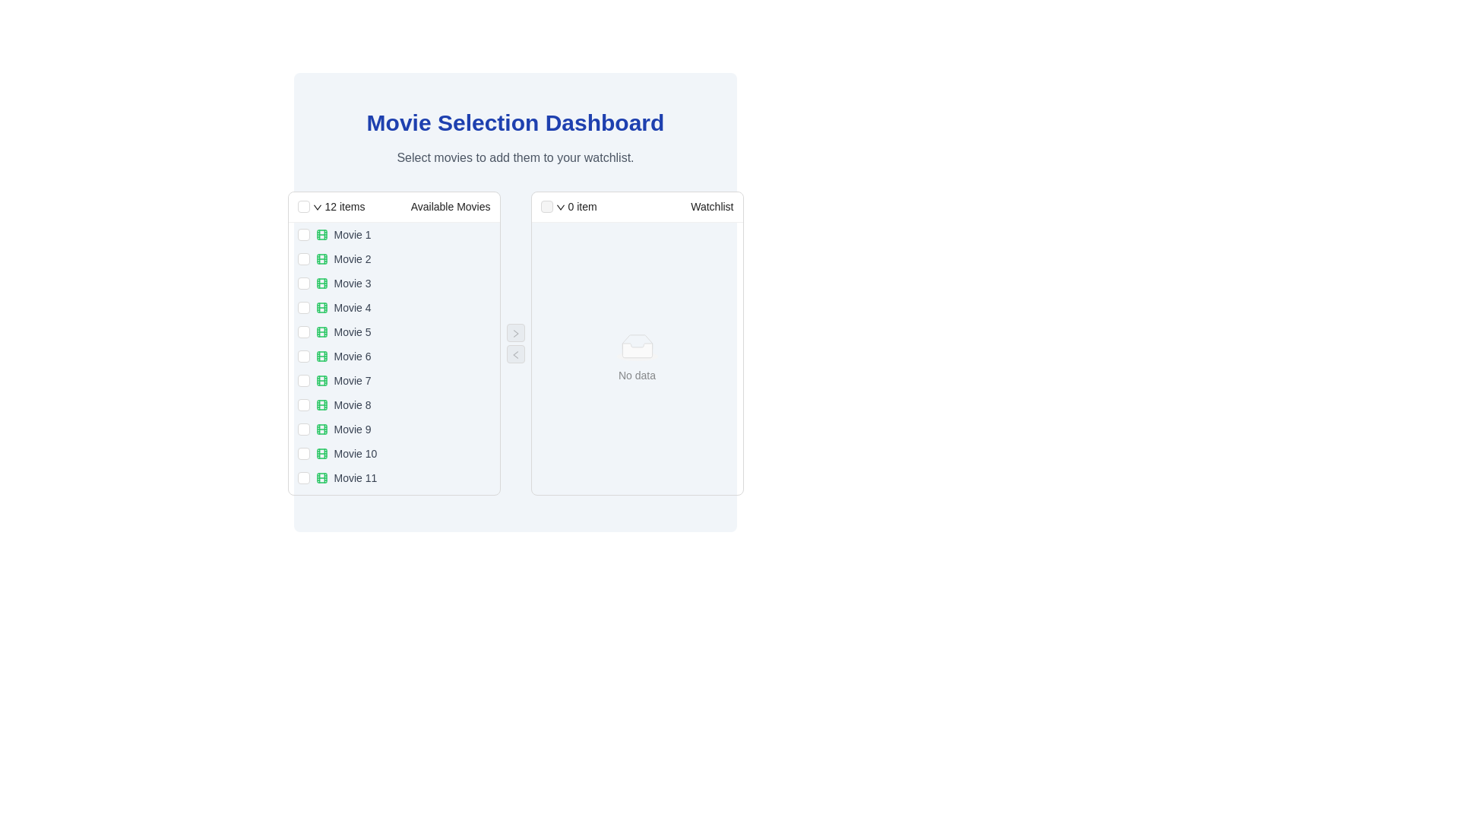 The image size is (1459, 821). I want to click on the checkbox next to the list item labeled 'Movie 6', so click(394, 357).